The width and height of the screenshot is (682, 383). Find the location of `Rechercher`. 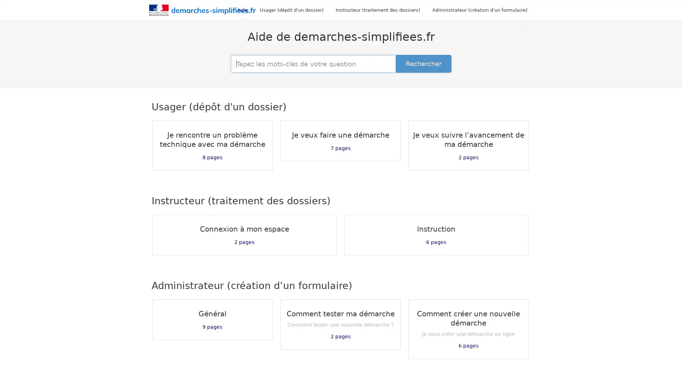

Rechercher is located at coordinates (423, 64).